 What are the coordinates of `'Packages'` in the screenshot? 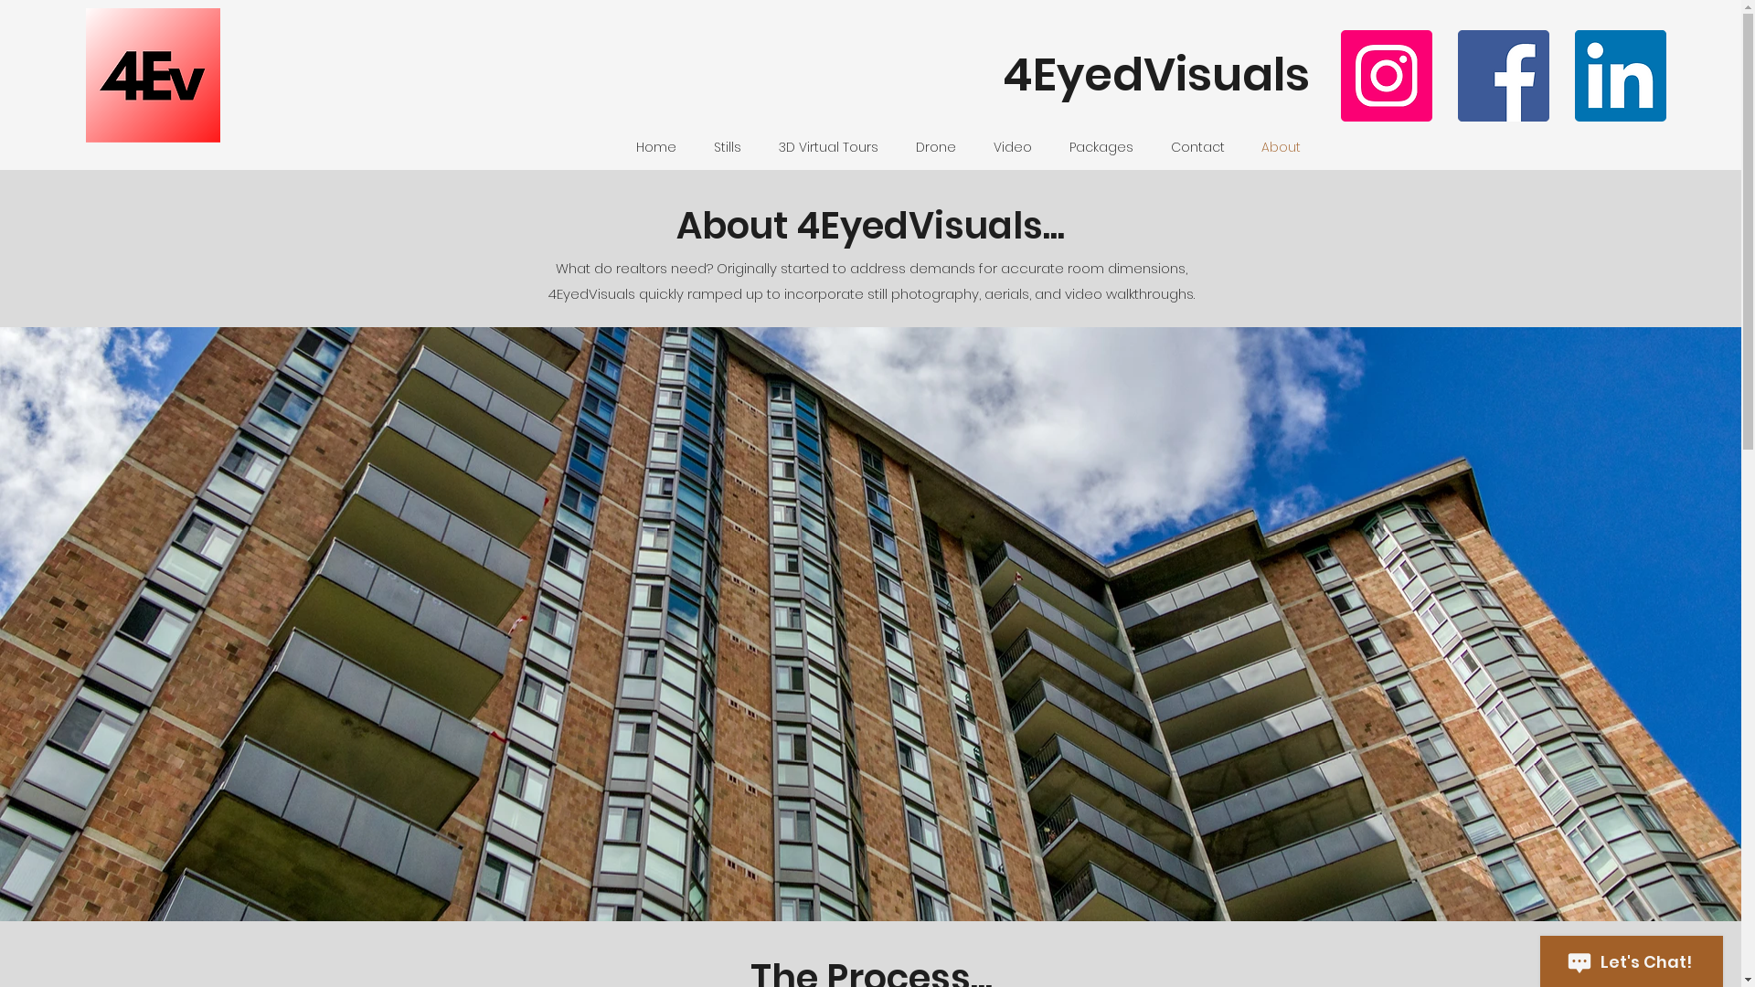 It's located at (1051, 146).